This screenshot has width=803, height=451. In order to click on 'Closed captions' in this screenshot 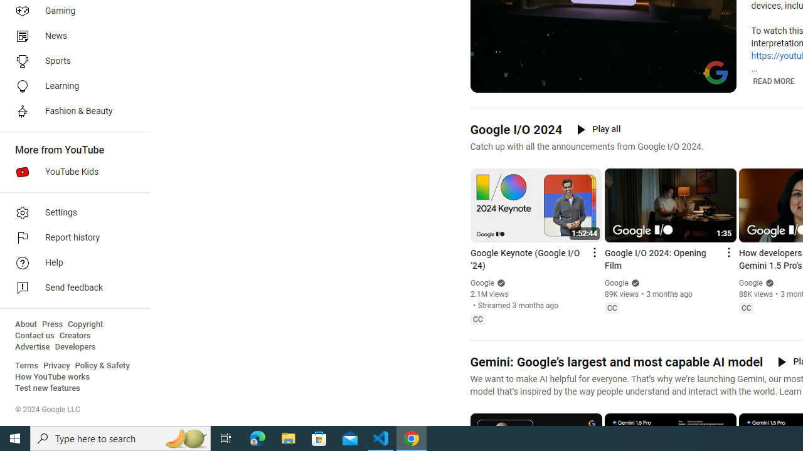, I will do `click(746, 308)`.